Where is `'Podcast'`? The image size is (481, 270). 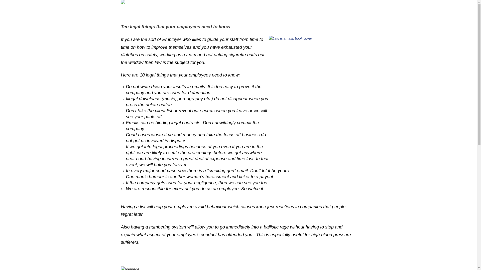 'Podcast' is located at coordinates (164, 10).